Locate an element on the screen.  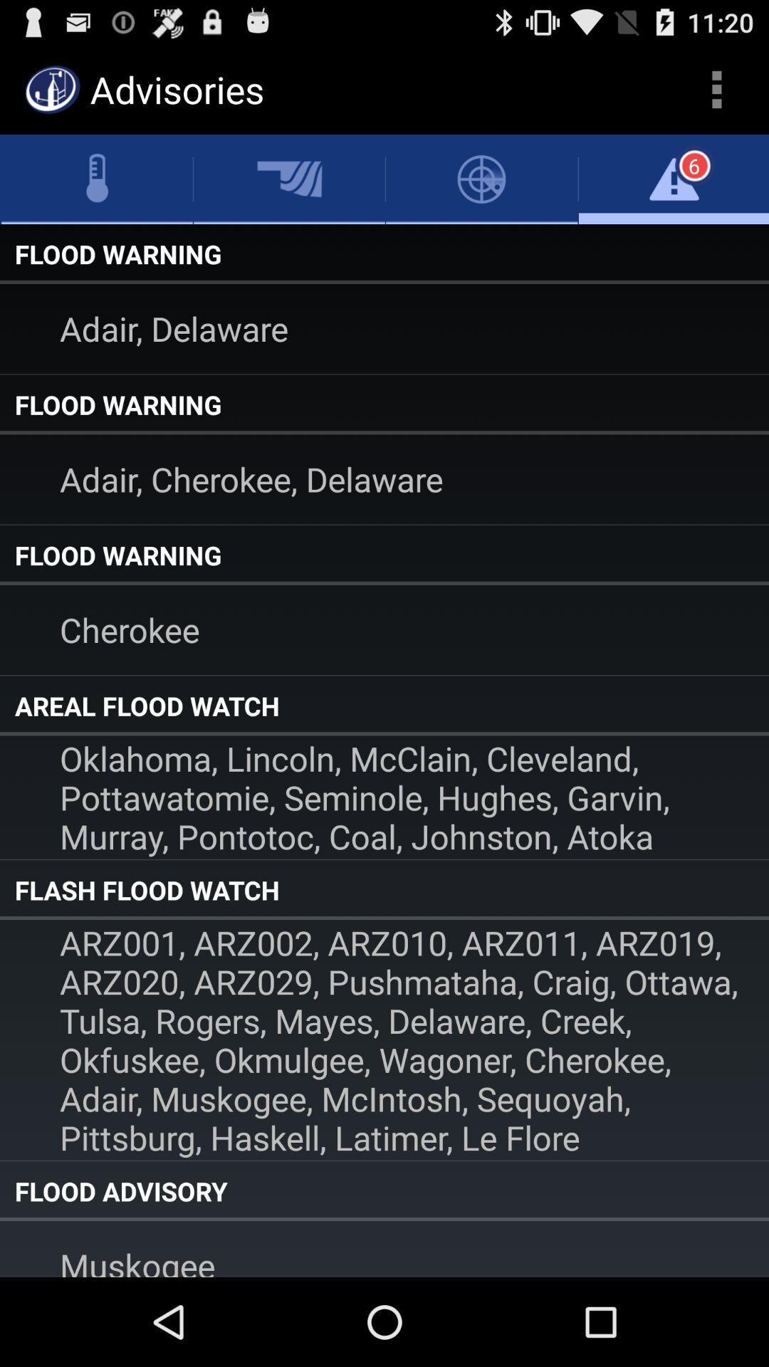
the muskogee app is located at coordinates (384, 1248).